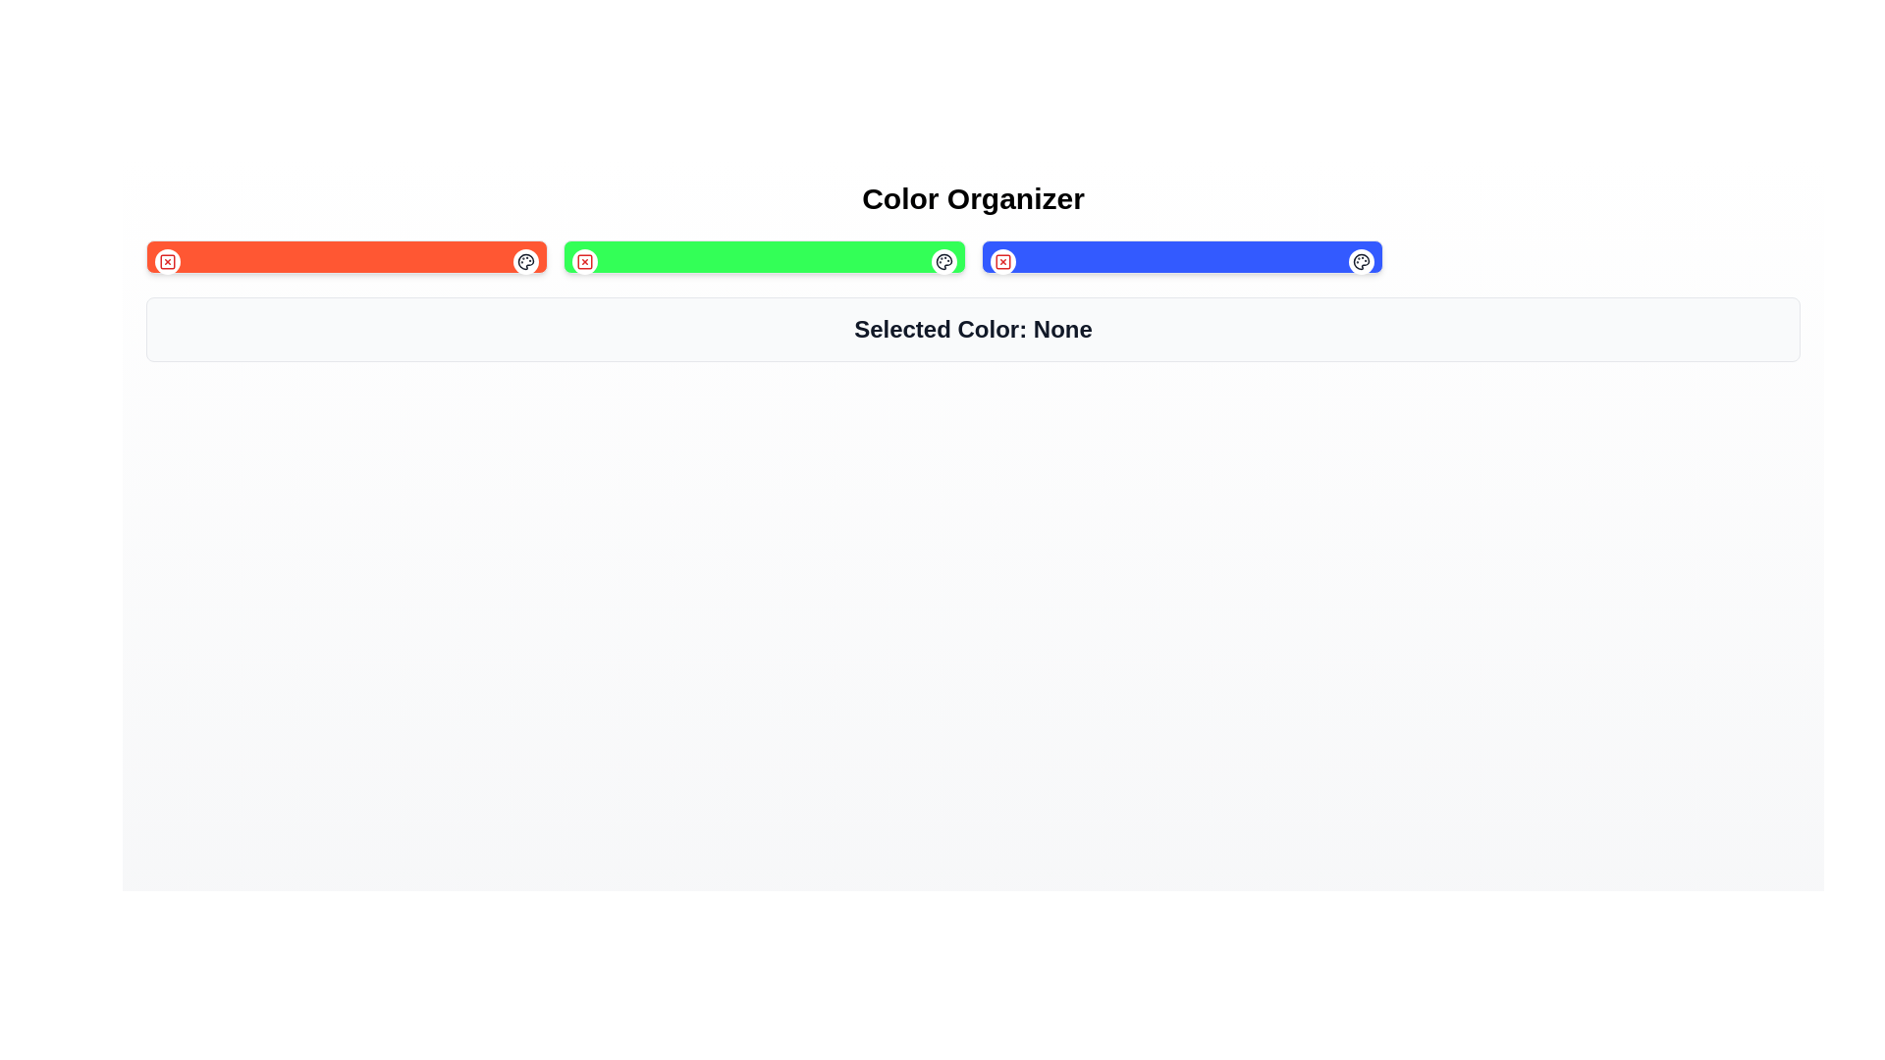 Image resolution: width=1885 pixels, height=1060 pixels. Describe the element at coordinates (973, 199) in the screenshot. I see `the main heading at the top of the interface that indicates the application's purpose` at that location.